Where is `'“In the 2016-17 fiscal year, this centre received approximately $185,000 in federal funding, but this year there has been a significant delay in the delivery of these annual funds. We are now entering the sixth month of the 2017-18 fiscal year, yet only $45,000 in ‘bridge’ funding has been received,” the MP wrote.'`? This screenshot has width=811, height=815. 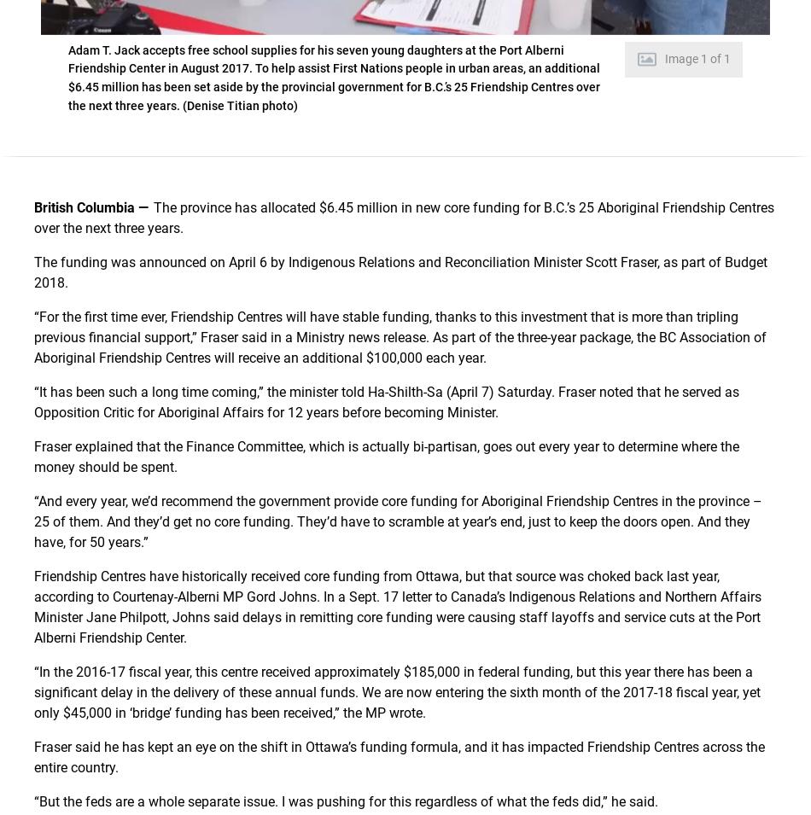
'“In the 2016-17 fiscal year, this centre received approximately $185,000 in federal funding, but this year there has been a significant delay in the delivery of these annual funds. We are now entering the sixth month of the 2017-18 fiscal year, yet only $45,000 in ‘bridge’ funding has been received,” the MP wrote.' is located at coordinates (396, 692).